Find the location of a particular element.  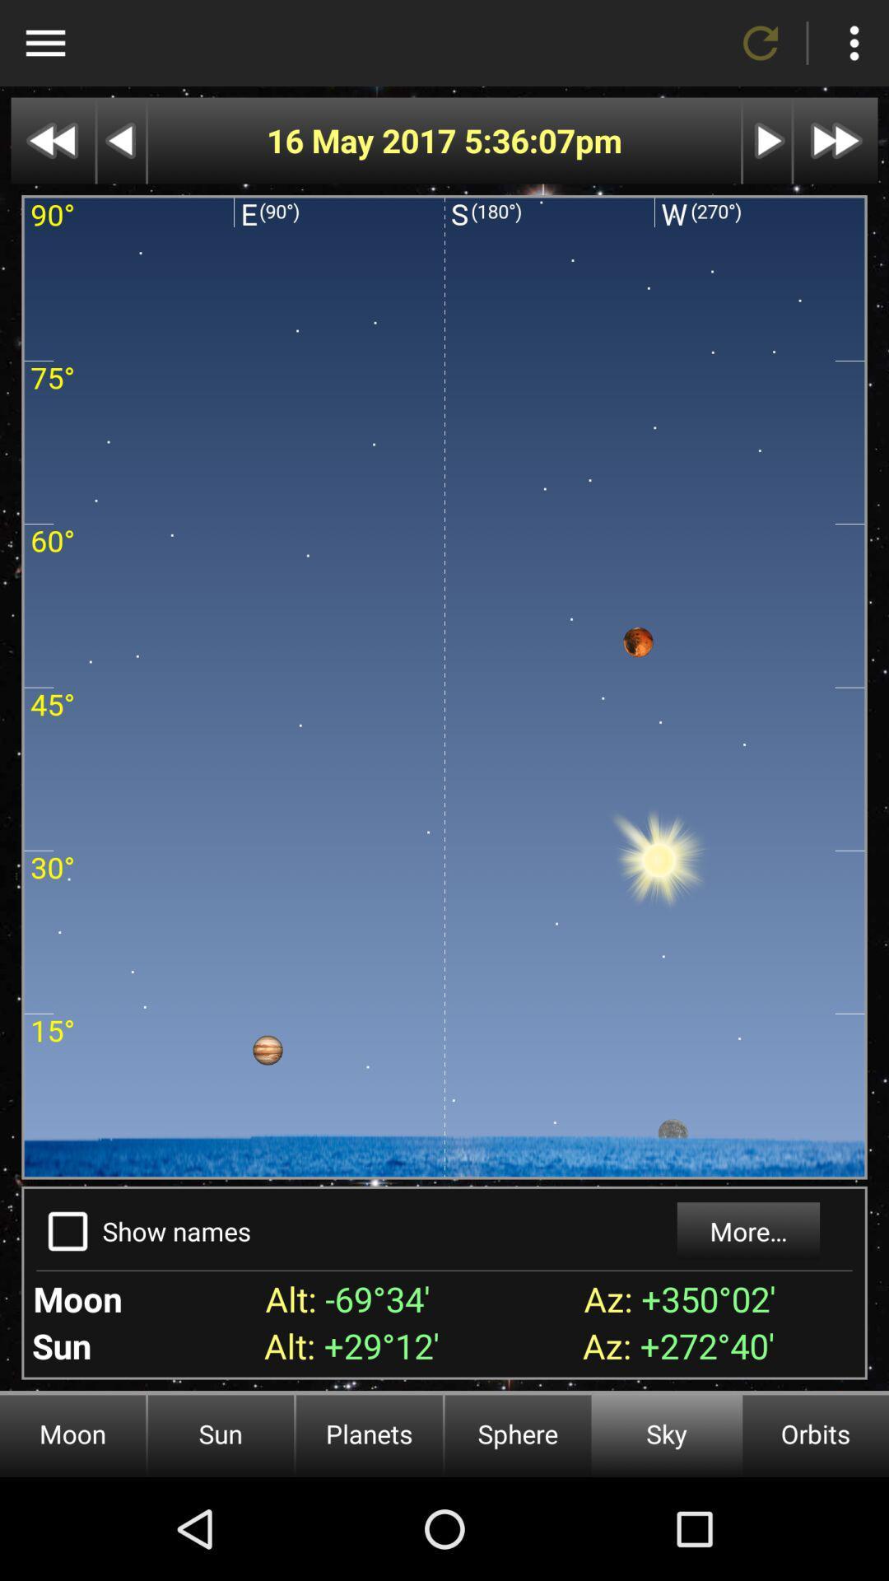

next is located at coordinates (835, 141).